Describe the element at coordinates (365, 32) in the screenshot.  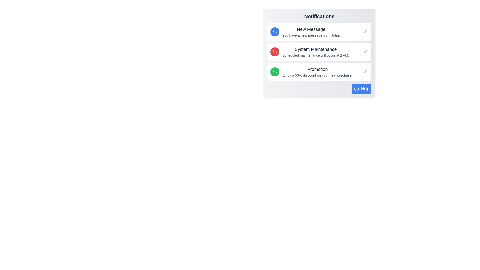
I see `the bottom-left to top-right diagonal segment of the 'X' close button for the notification titled 'New Message'` at that location.